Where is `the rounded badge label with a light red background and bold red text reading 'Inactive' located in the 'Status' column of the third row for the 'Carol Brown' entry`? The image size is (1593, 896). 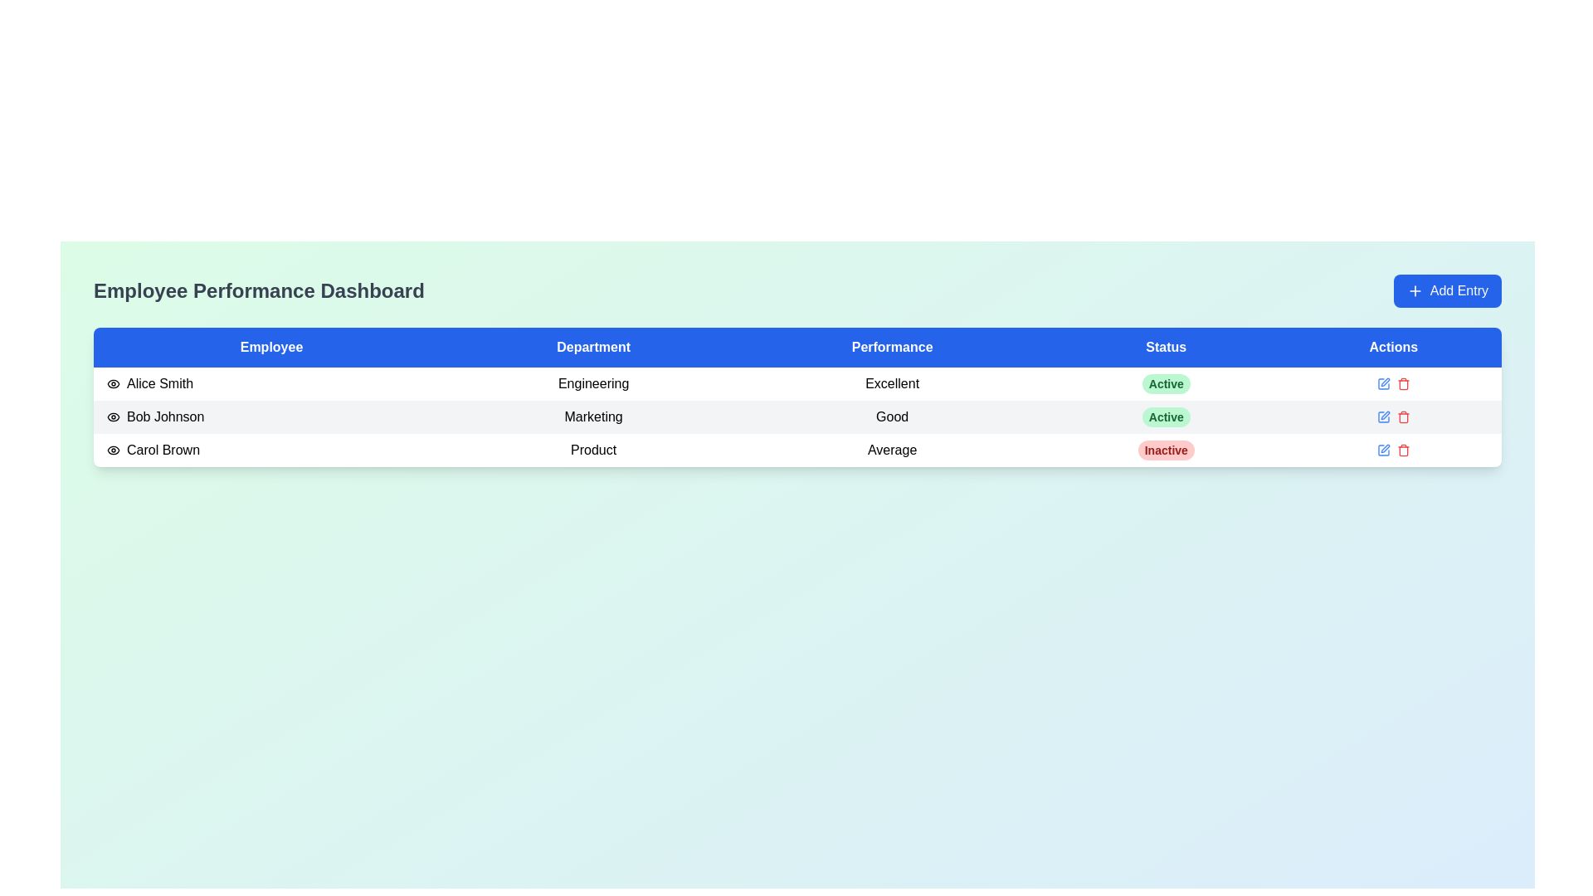 the rounded badge label with a light red background and bold red text reading 'Inactive' located in the 'Status' column of the third row for the 'Carol Brown' entry is located at coordinates (1165, 450).